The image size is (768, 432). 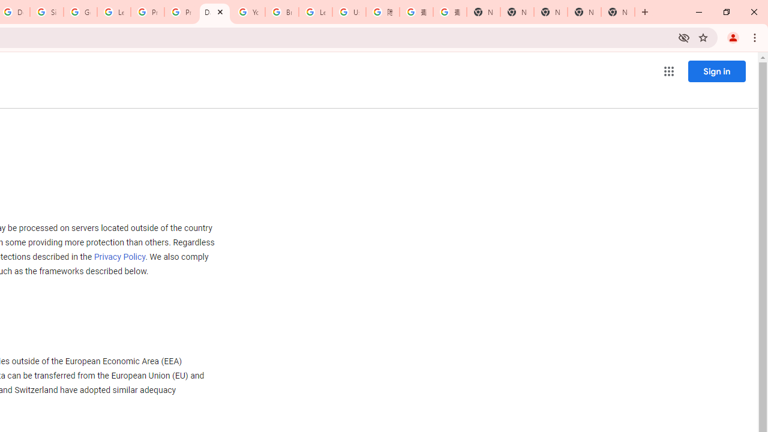 I want to click on 'YouTube', so click(x=248, y=12).